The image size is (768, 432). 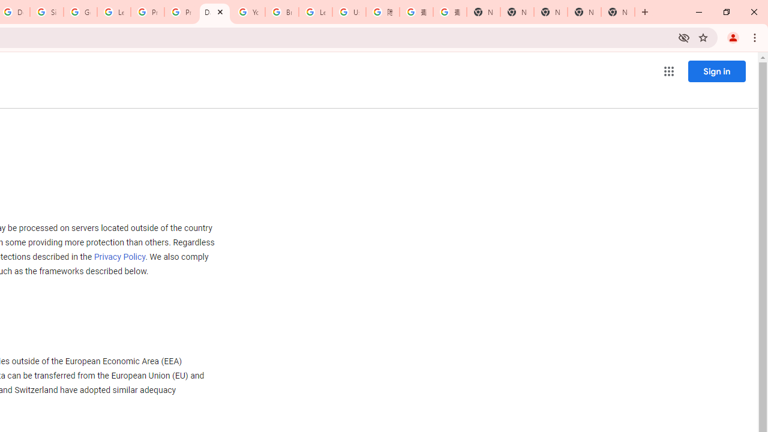 I want to click on 'YouTube', so click(x=248, y=12).